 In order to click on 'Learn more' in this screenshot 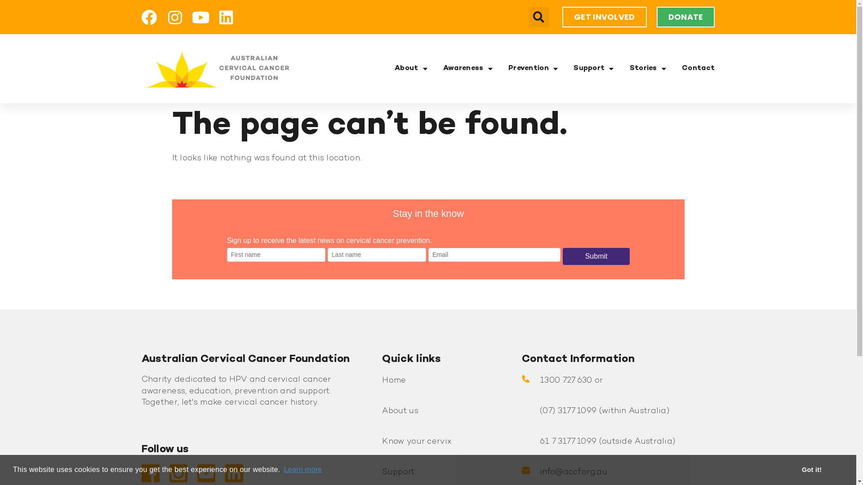, I will do `click(302, 469)`.